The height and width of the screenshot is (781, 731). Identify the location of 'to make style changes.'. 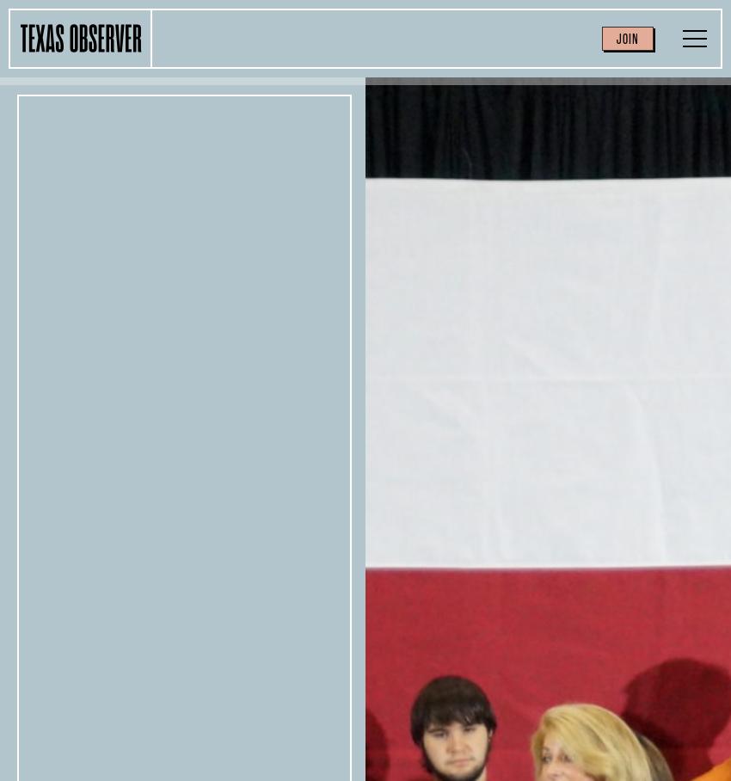
(519, 699).